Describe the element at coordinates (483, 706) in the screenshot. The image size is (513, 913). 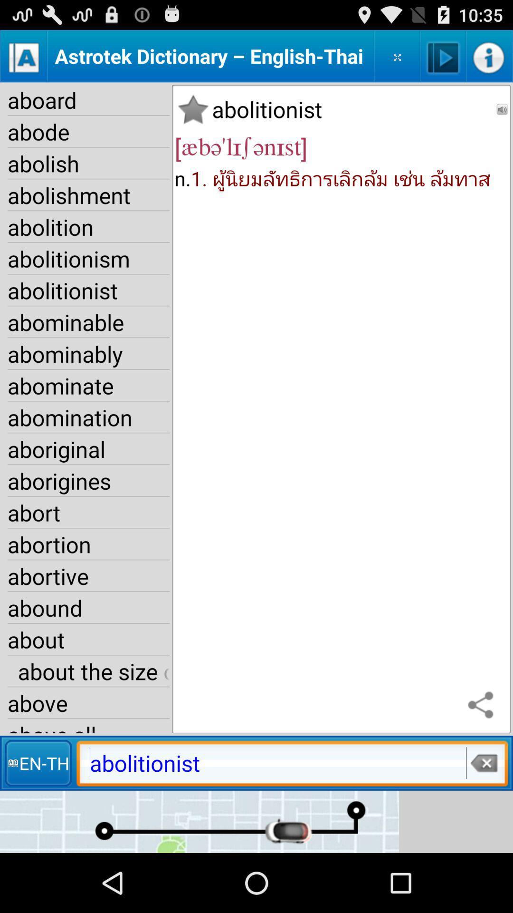
I see `icon above abolitionist item` at that location.